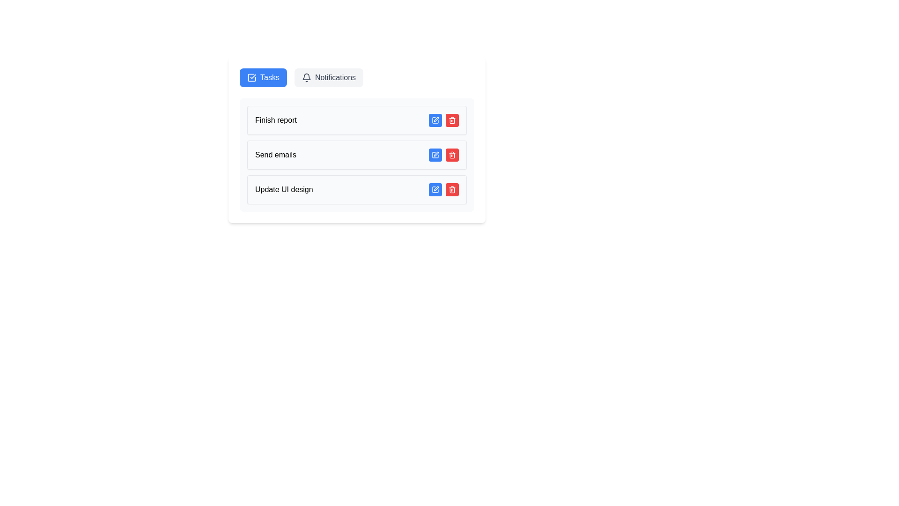 The width and height of the screenshot is (899, 506). What do you see at coordinates (443, 155) in the screenshot?
I see `the red button with a trash bin icon in the interactive control group located on the right side of the 'Send emails' task item` at bounding box center [443, 155].